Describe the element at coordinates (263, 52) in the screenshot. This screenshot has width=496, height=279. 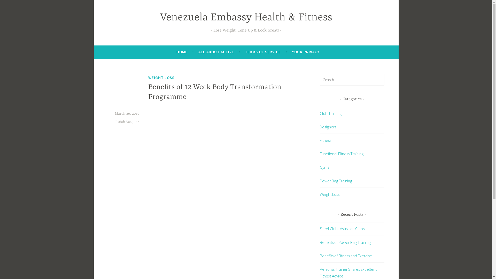
I see `'TERMS OF SERVICE'` at that location.